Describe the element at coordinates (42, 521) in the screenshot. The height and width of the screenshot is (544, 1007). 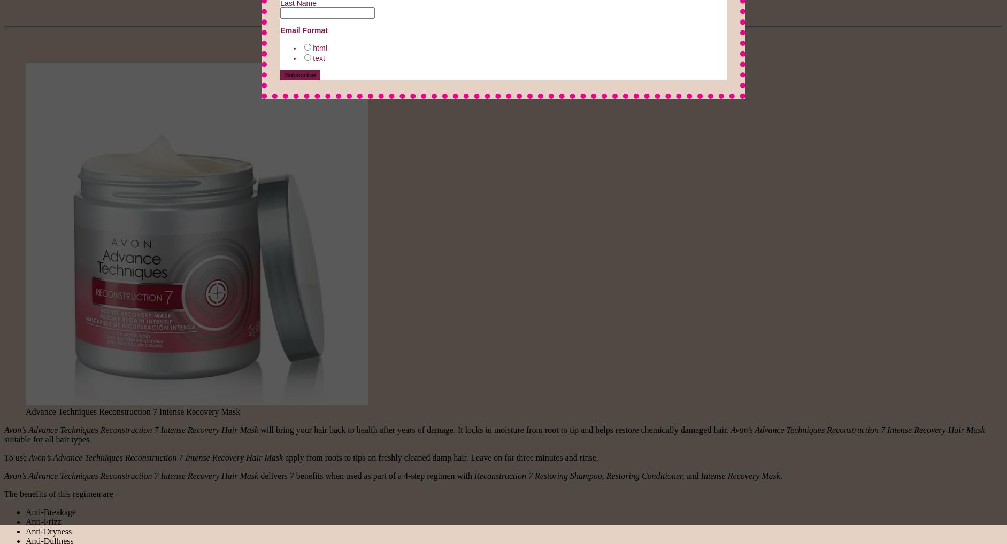
I see `'Anti-Frizz'` at that location.